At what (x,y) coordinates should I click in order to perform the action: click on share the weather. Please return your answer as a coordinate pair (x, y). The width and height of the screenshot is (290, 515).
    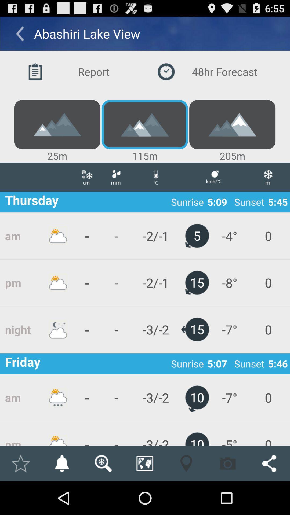
    Looking at the image, I should click on (269, 463).